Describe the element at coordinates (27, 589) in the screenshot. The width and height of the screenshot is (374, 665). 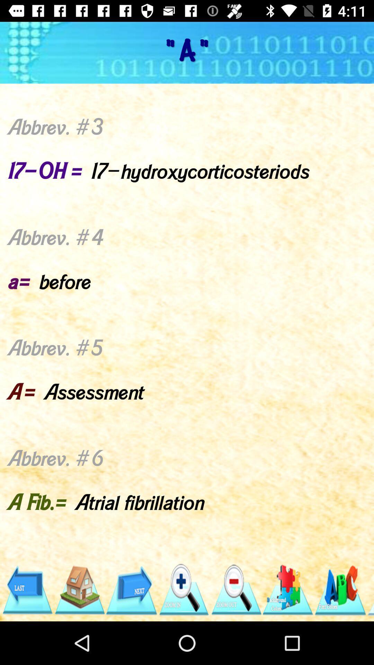
I see `the arrow_backward icon` at that location.